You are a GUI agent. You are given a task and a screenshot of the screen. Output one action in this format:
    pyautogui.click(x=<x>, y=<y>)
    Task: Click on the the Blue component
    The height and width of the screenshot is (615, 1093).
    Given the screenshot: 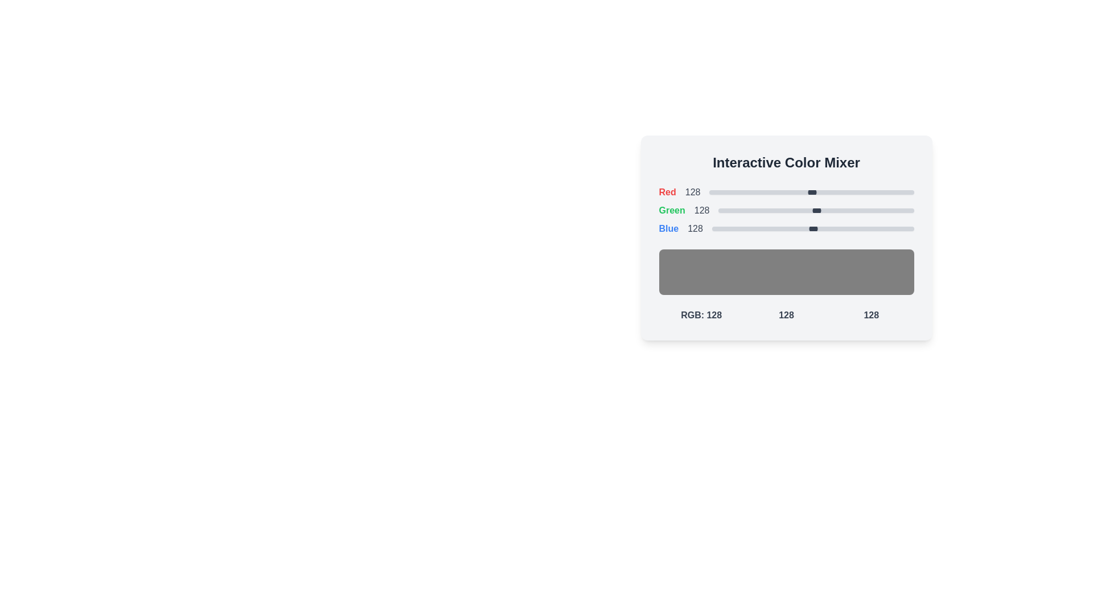 What is the action you would take?
    pyautogui.click(x=719, y=228)
    